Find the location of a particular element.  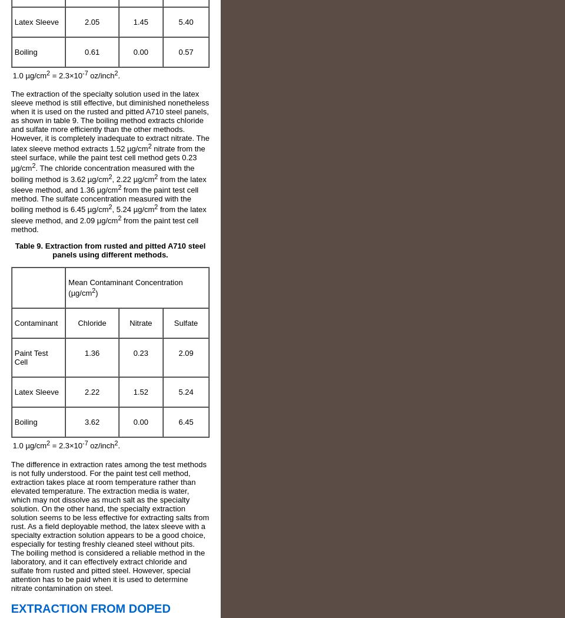

'5.24' is located at coordinates (185, 391).